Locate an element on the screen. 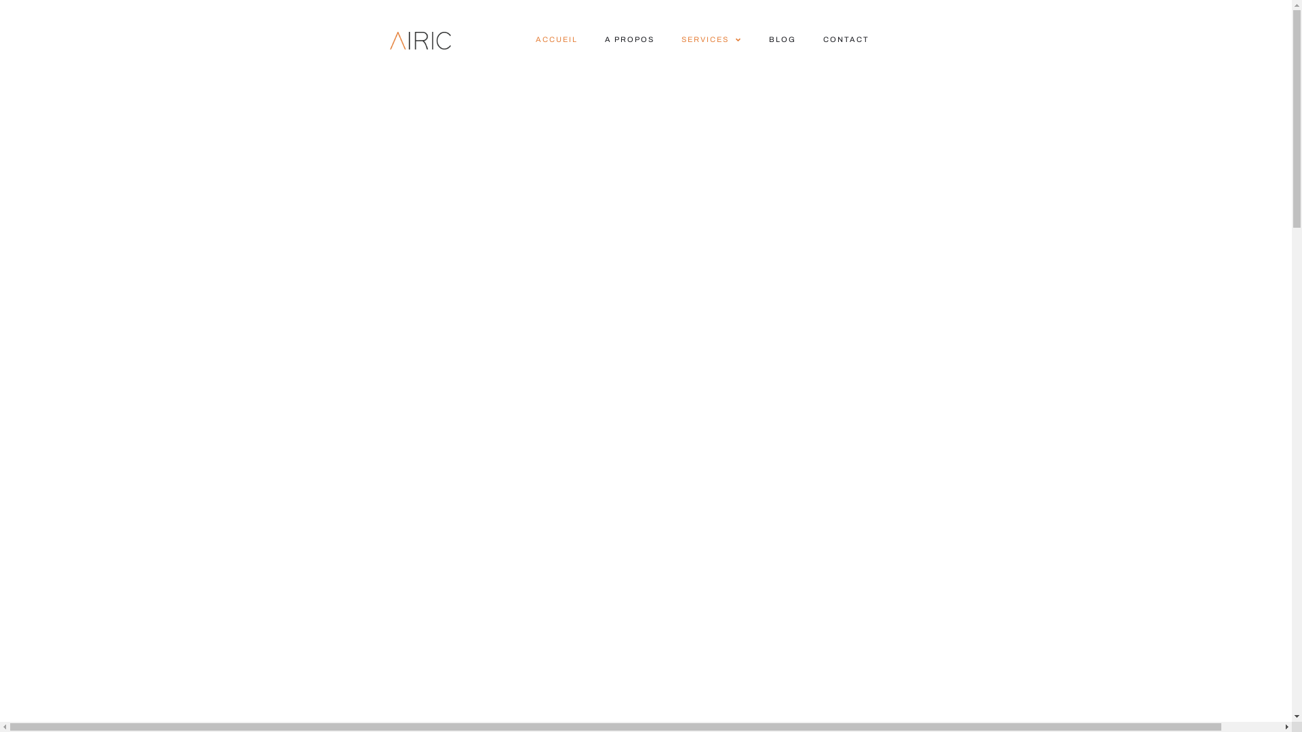 This screenshot has width=1302, height=732. 'A PROPOS' is located at coordinates (591, 39).